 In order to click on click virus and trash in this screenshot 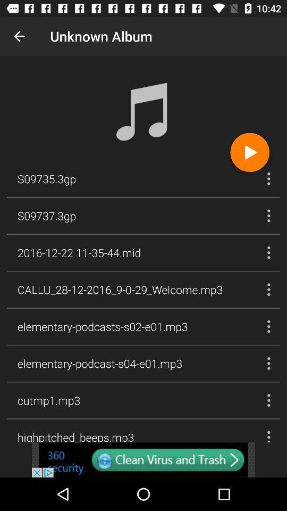, I will do `click(143, 459)`.